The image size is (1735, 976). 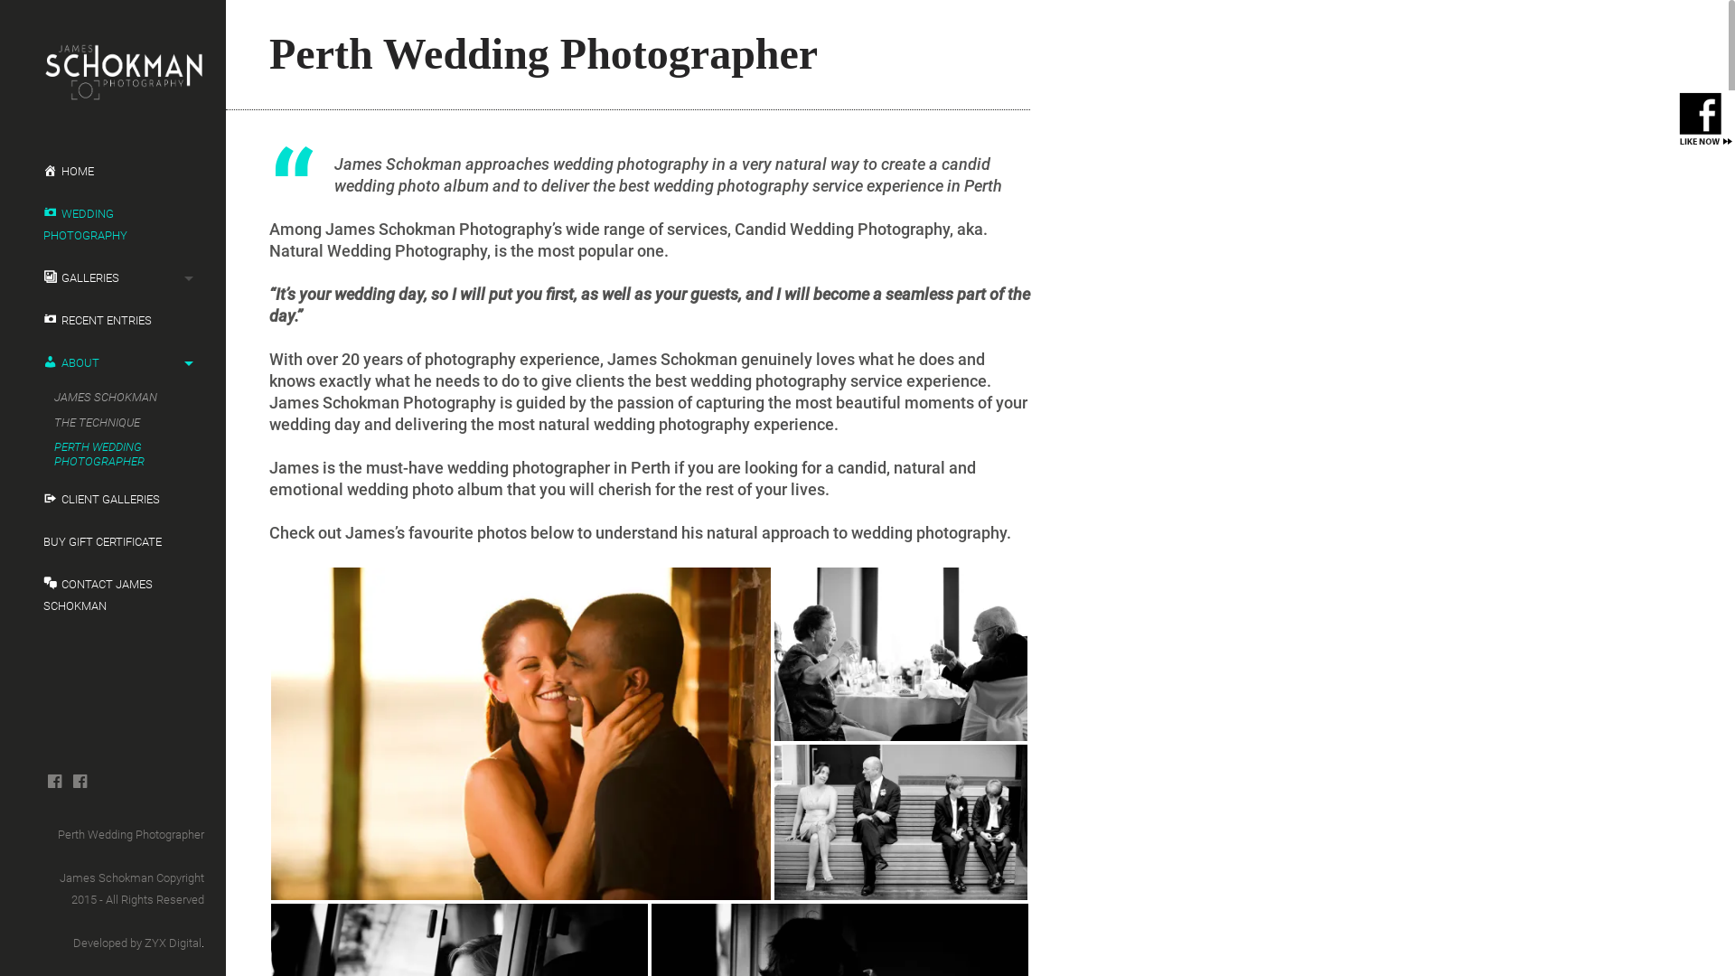 I want to click on 'WEDDING PHOTOGRAPHY', so click(x=111, y=224).